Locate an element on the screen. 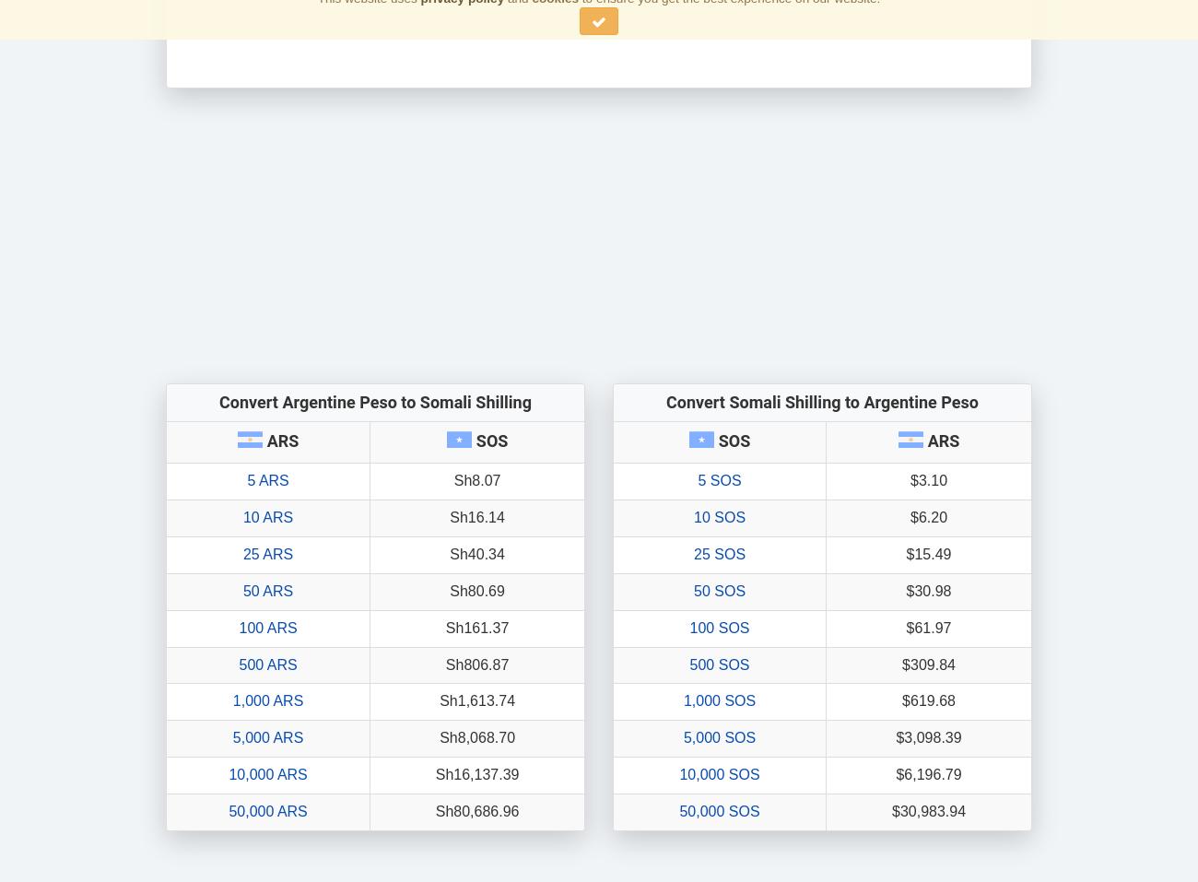 The image size is (1198, 882). '$30.98' is located at coordinates (905, 589).